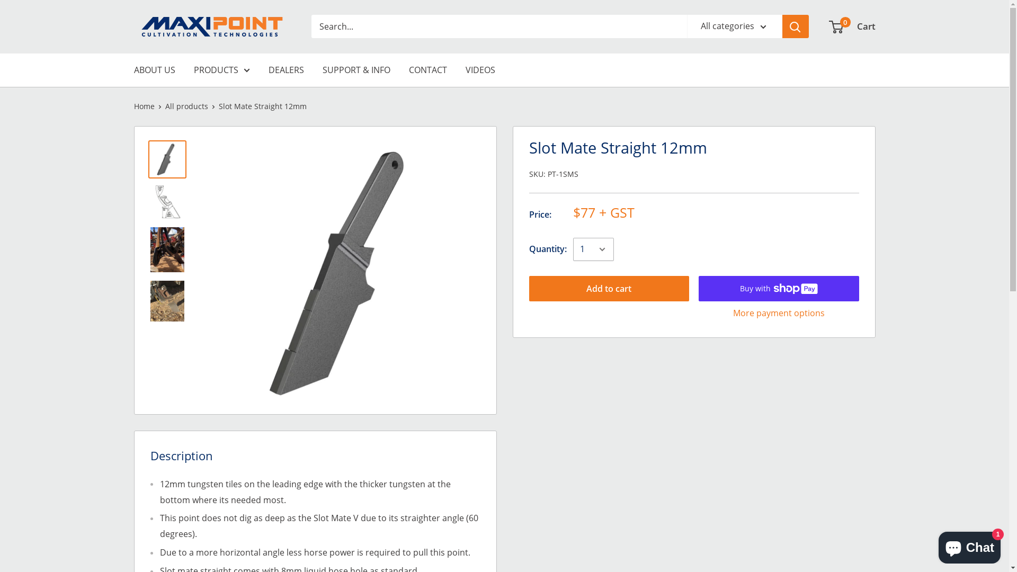  I want to click on 'All products', so click(165, 106).